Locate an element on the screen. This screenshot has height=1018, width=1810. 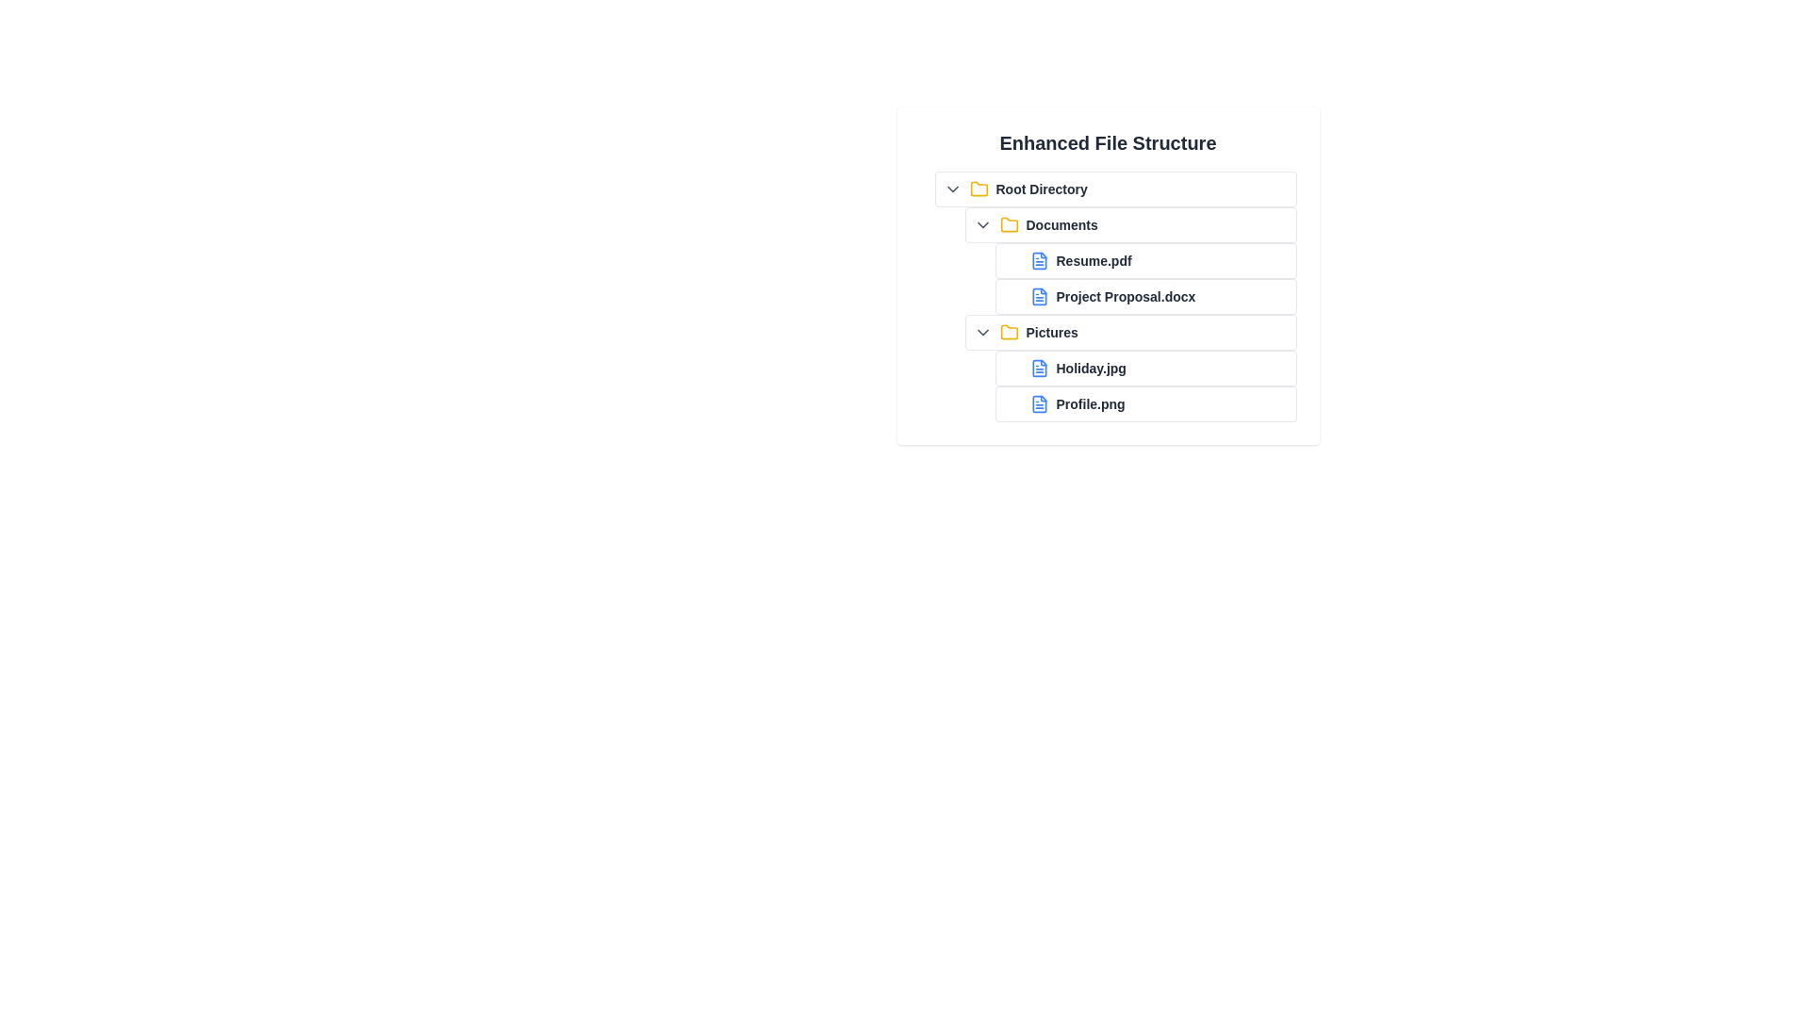
the folder icon representing the 'Documents' category in the file structure interface, which is the second element from the left within the 'Documents' group is located at coordinates (1008, 224).